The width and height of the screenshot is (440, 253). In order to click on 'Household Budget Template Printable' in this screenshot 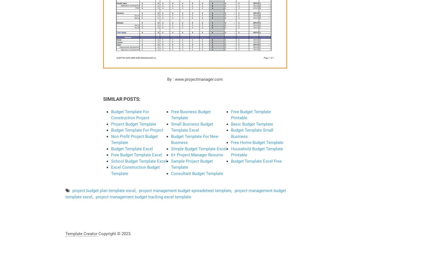, I will do `click(231, 151)`.